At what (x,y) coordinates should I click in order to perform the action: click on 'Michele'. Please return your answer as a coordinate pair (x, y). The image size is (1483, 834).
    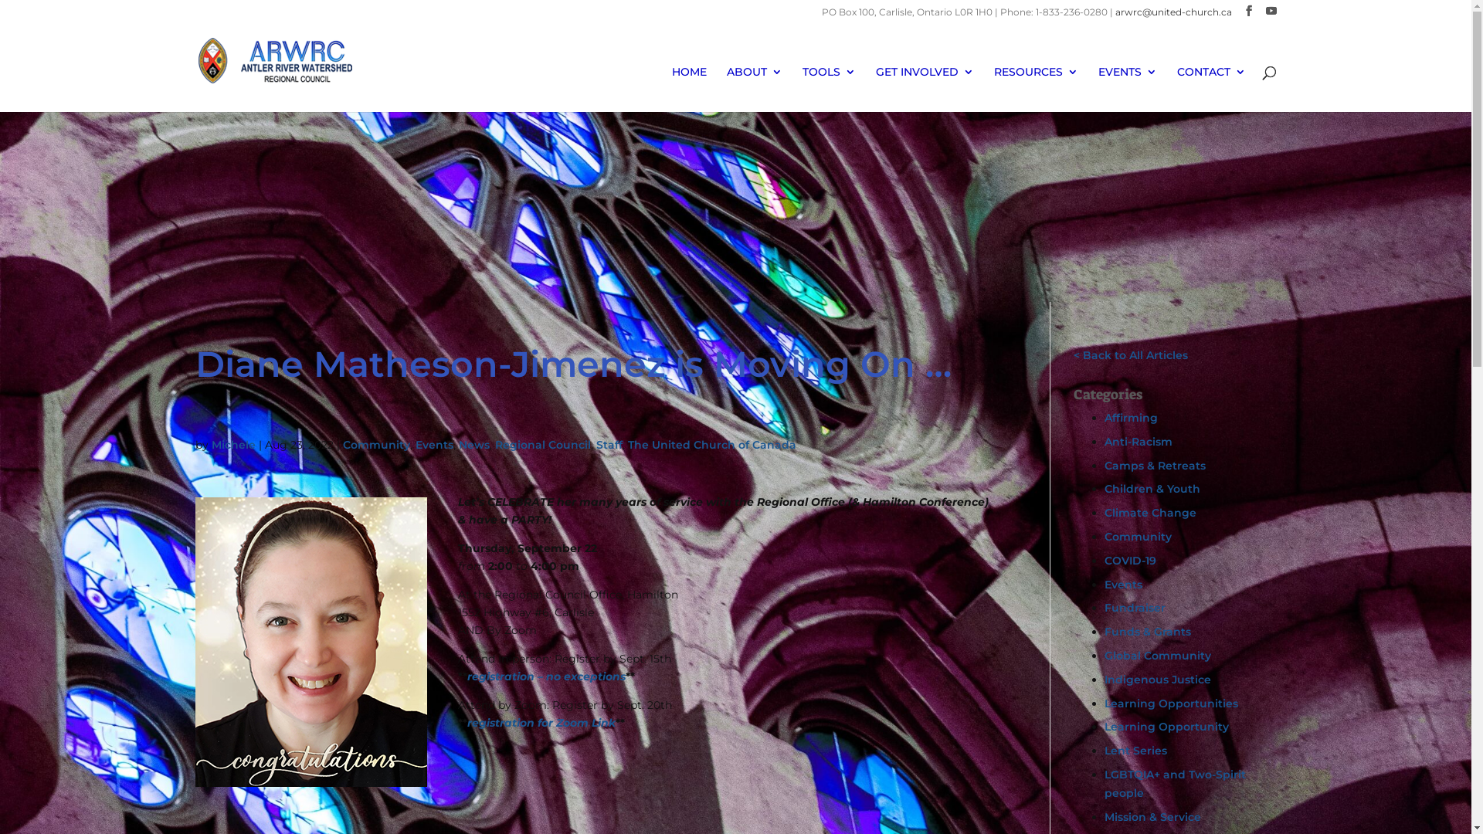
    Looking at the image, I should click on (232, 444).